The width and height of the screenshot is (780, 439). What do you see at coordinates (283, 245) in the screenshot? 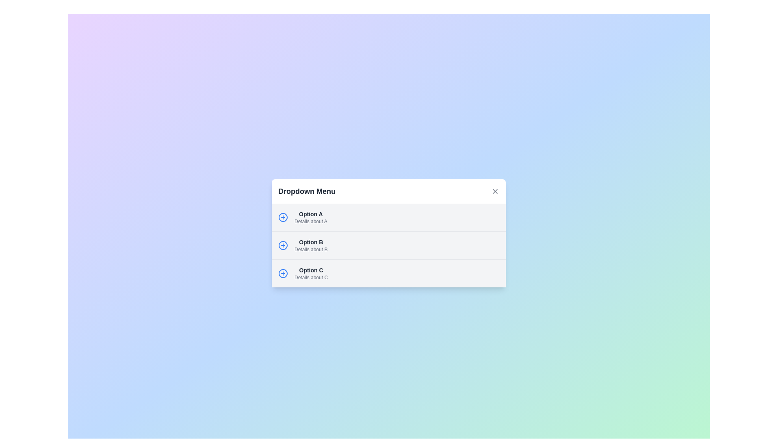
I see `the circular blue button with a plus sign located to the left of 'Option B' in the dropdown menu` at bounding box center [283, 245].